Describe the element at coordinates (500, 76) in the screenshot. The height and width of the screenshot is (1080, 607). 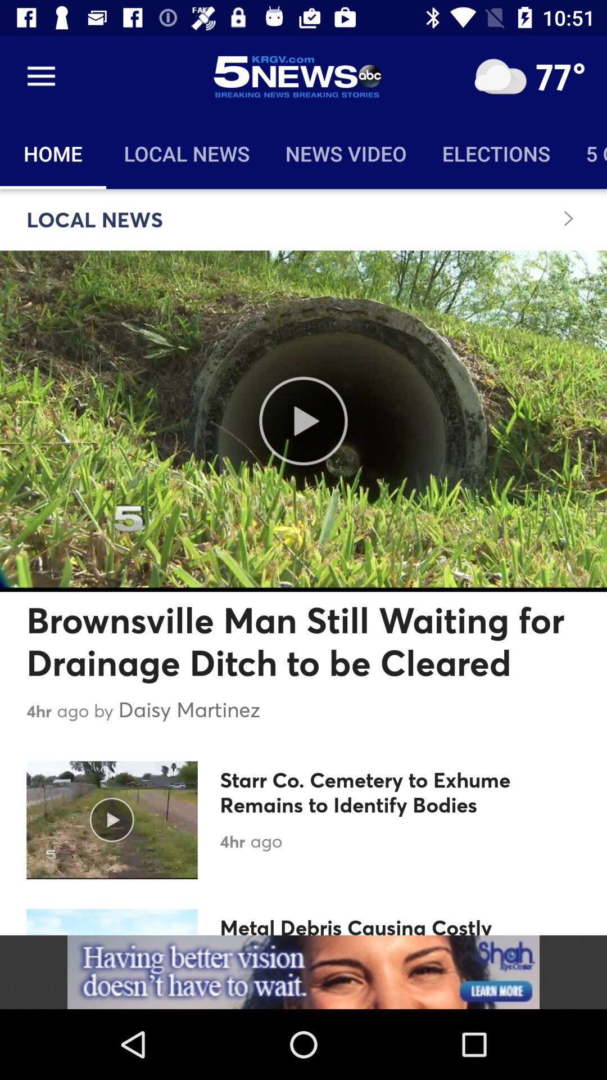
I see `clear` at that location.